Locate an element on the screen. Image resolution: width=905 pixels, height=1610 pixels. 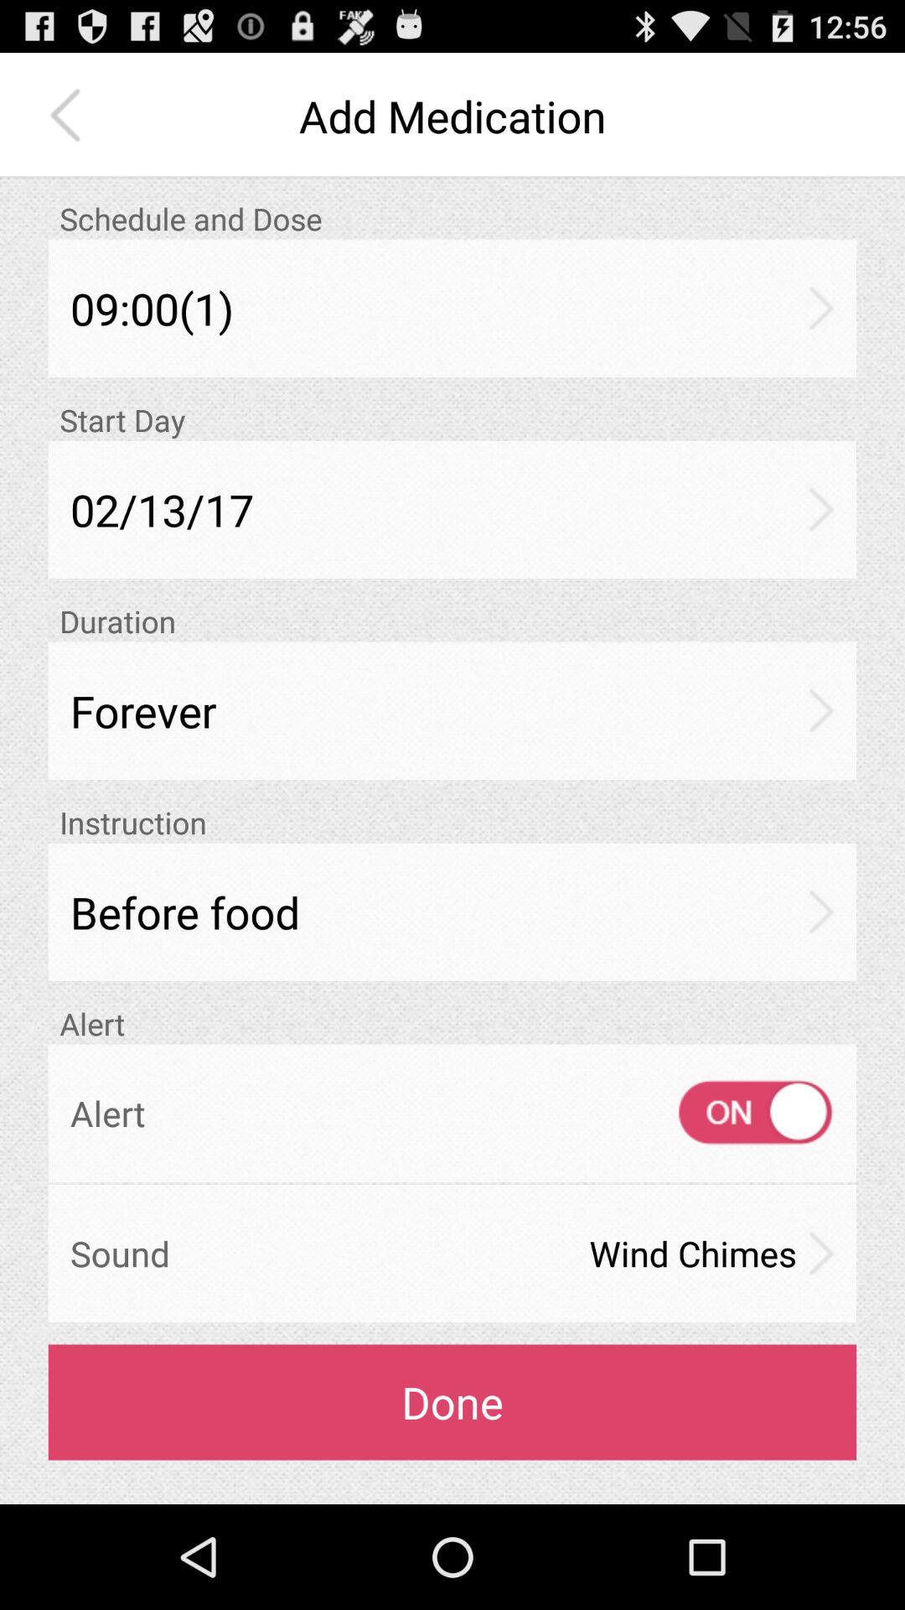
the item above start day item is located at coordinates (452, 308).